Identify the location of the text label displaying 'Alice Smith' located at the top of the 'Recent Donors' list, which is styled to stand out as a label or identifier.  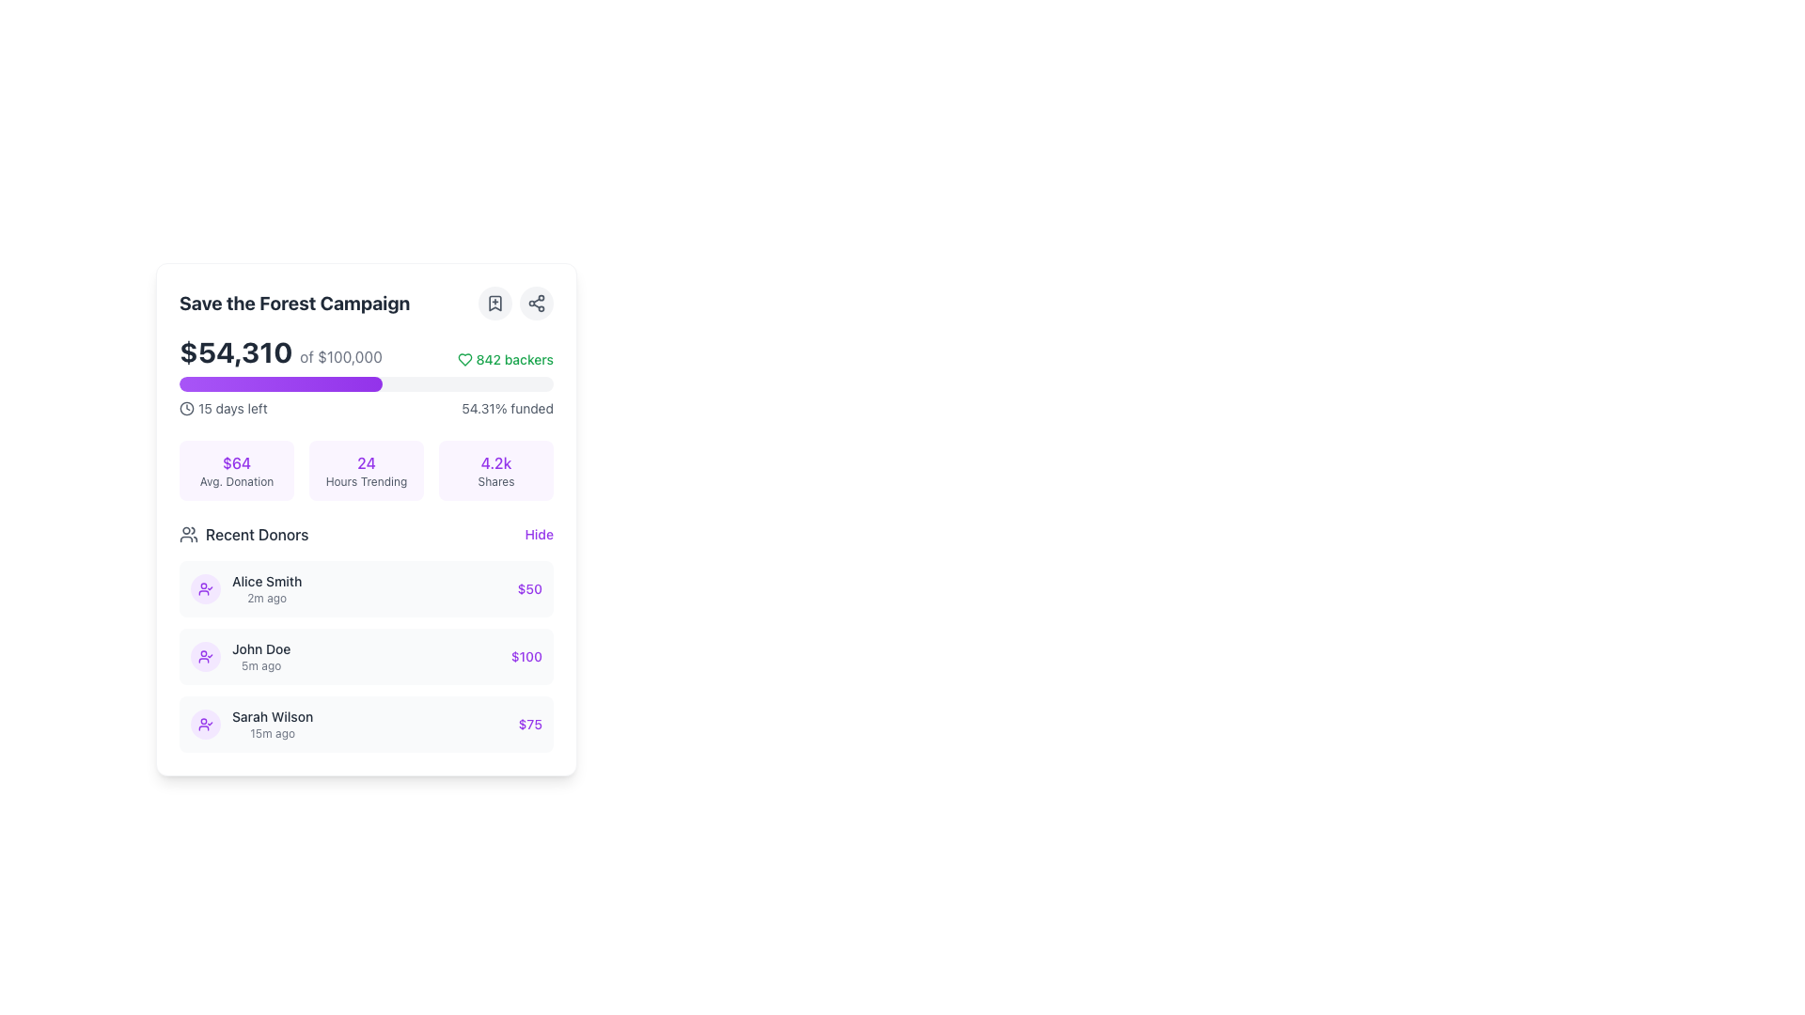
(266, 580).